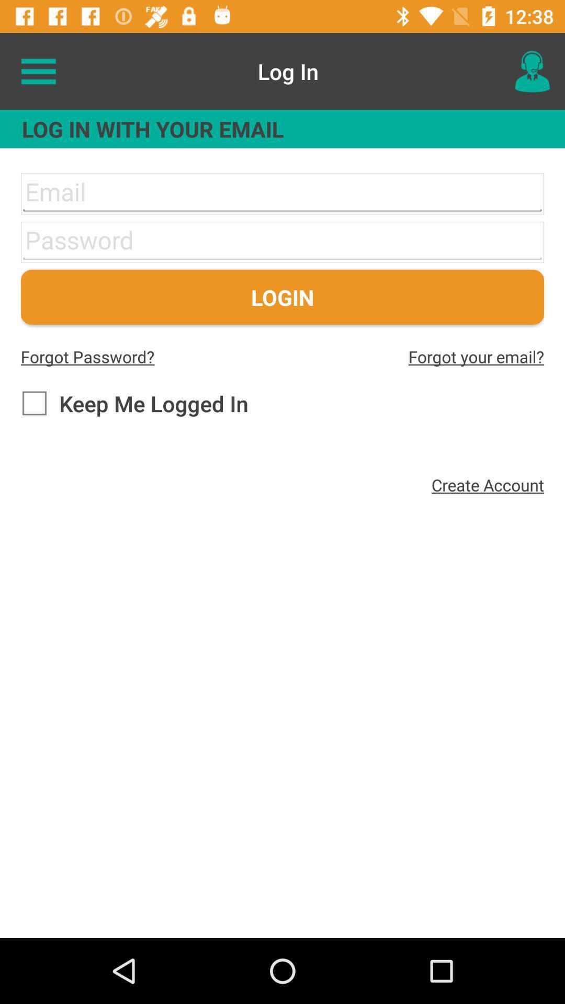 The width and height of the screenshot is (565, 1004). I want to click on the item at the top left corner, so click(38, 71).